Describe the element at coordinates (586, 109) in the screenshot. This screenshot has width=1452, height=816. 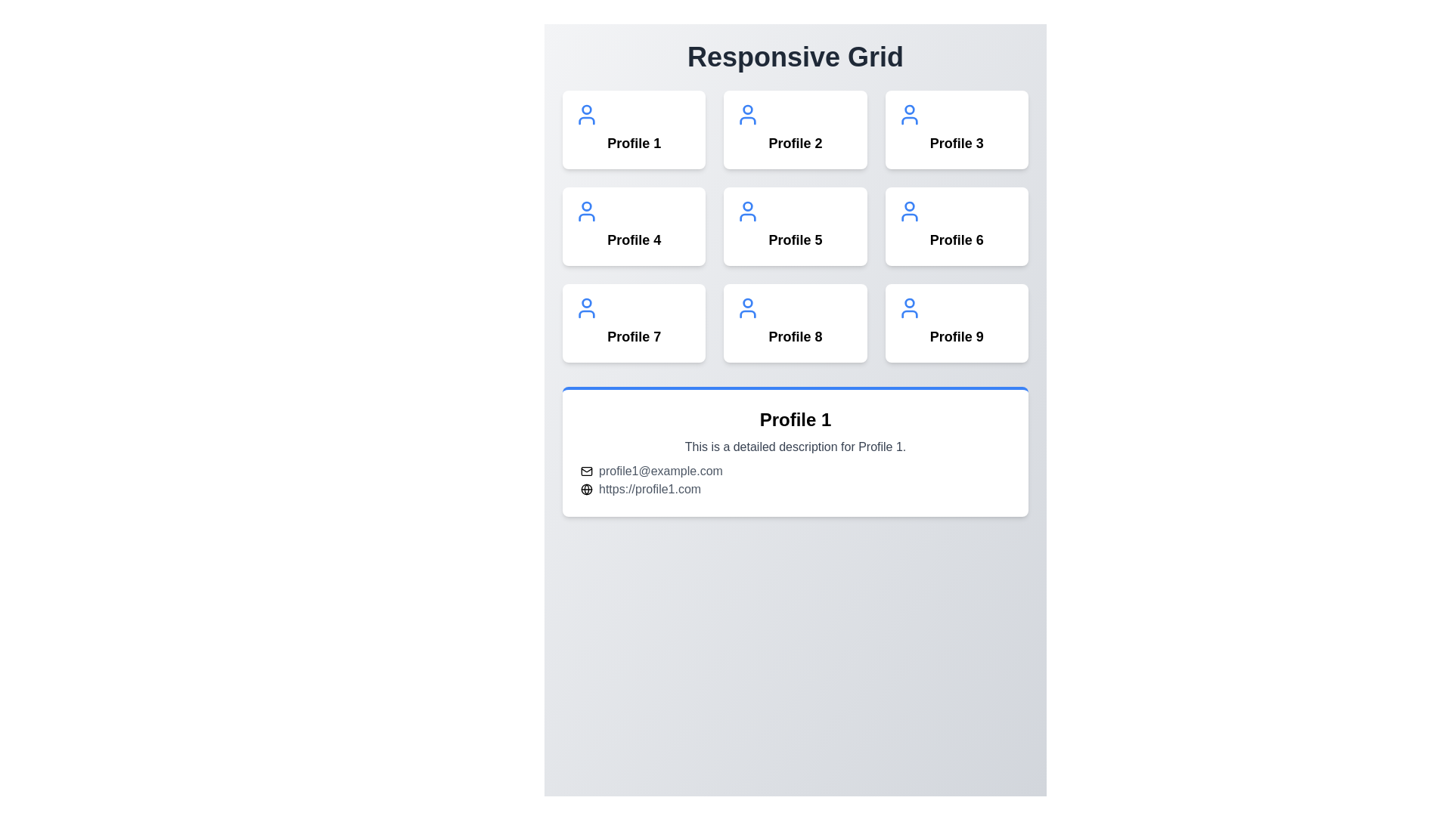
I see `the SVG Circle that visually represents the user profile icon in the card titled 'Profile 1'` at that location.